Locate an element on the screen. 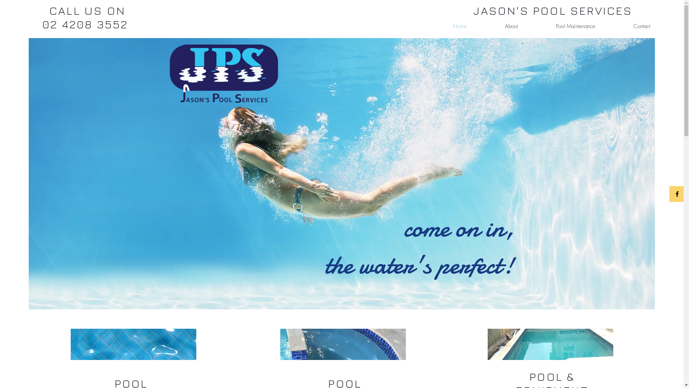 This screenshot has width=689, height=388. 'Pool Maintenance' is located at coordinates (561, 26).